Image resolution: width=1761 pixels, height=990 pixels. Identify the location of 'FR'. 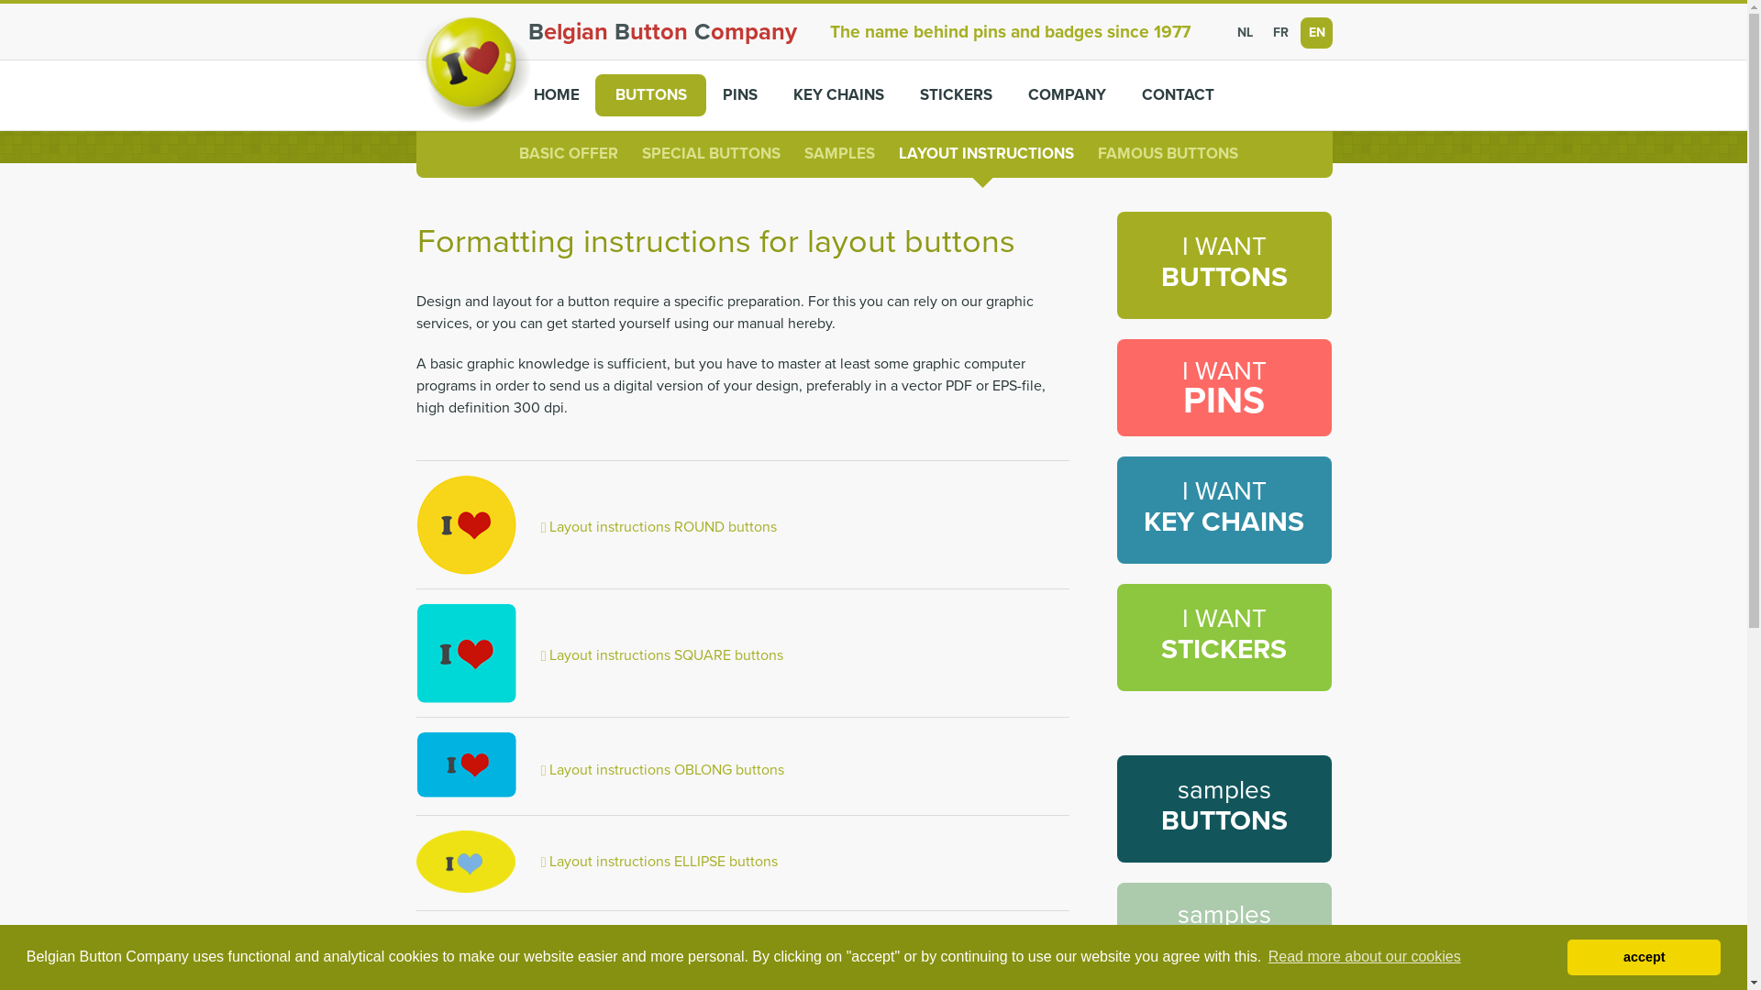
(1279, 32).